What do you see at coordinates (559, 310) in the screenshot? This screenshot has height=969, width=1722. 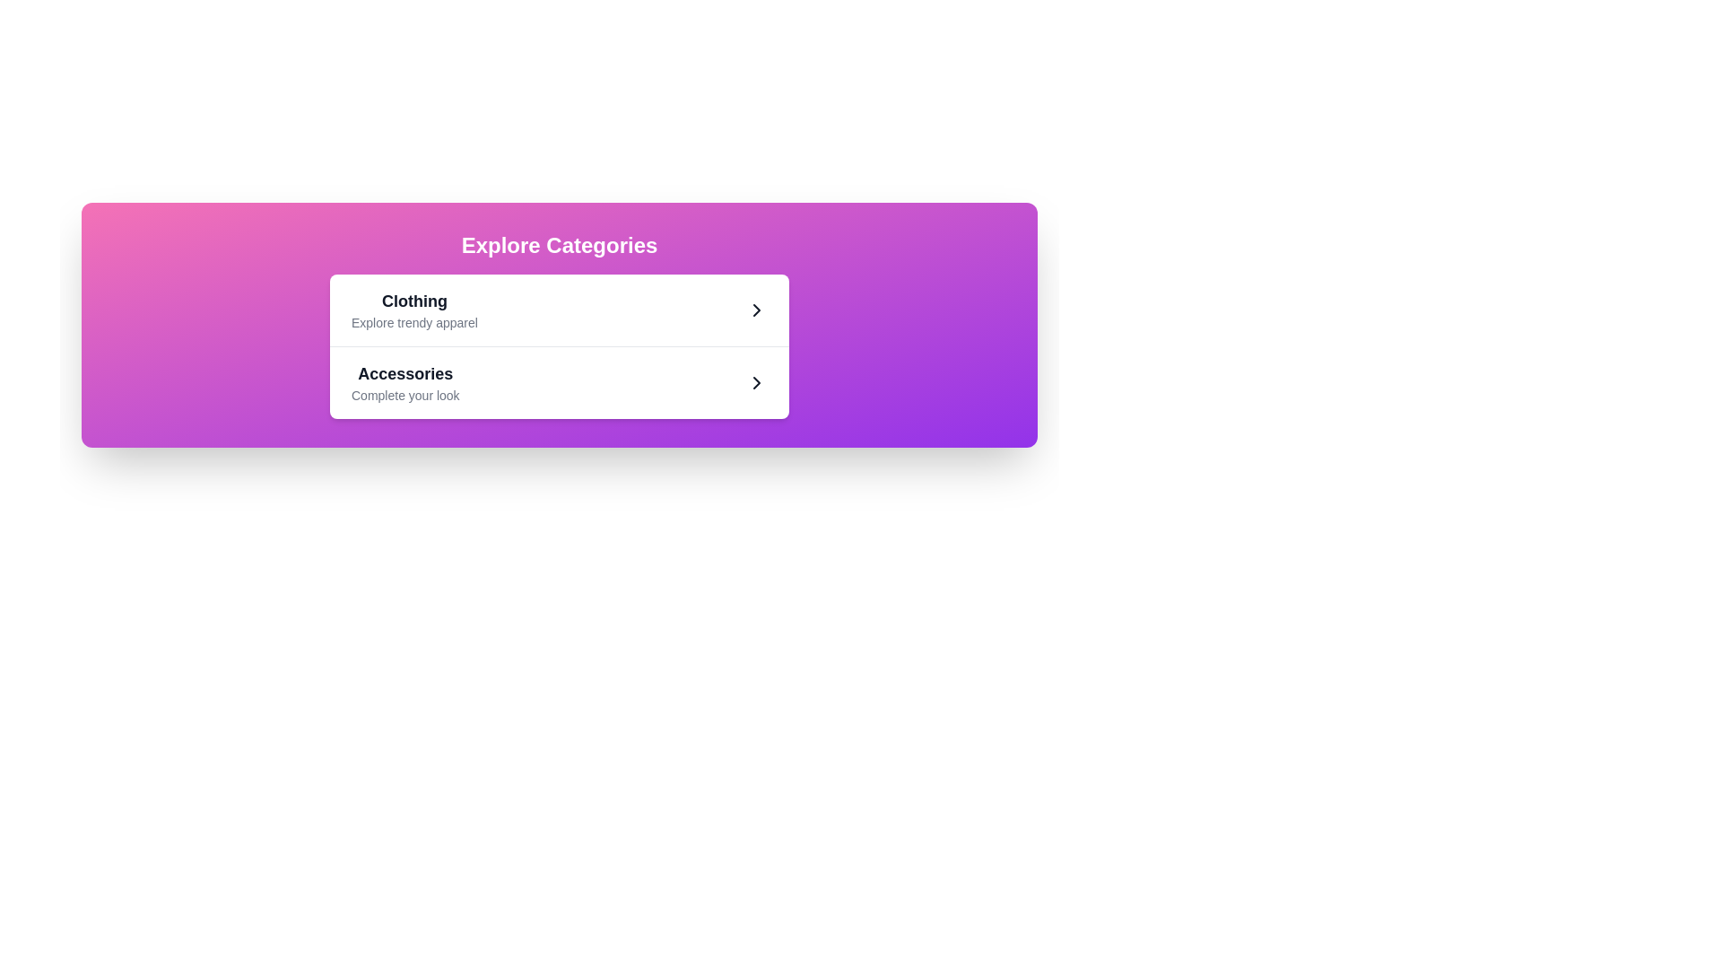 I see `the 'Clothing' navigation link, which is the first item in a vertical list of category options` at bounding box center [559, 310].